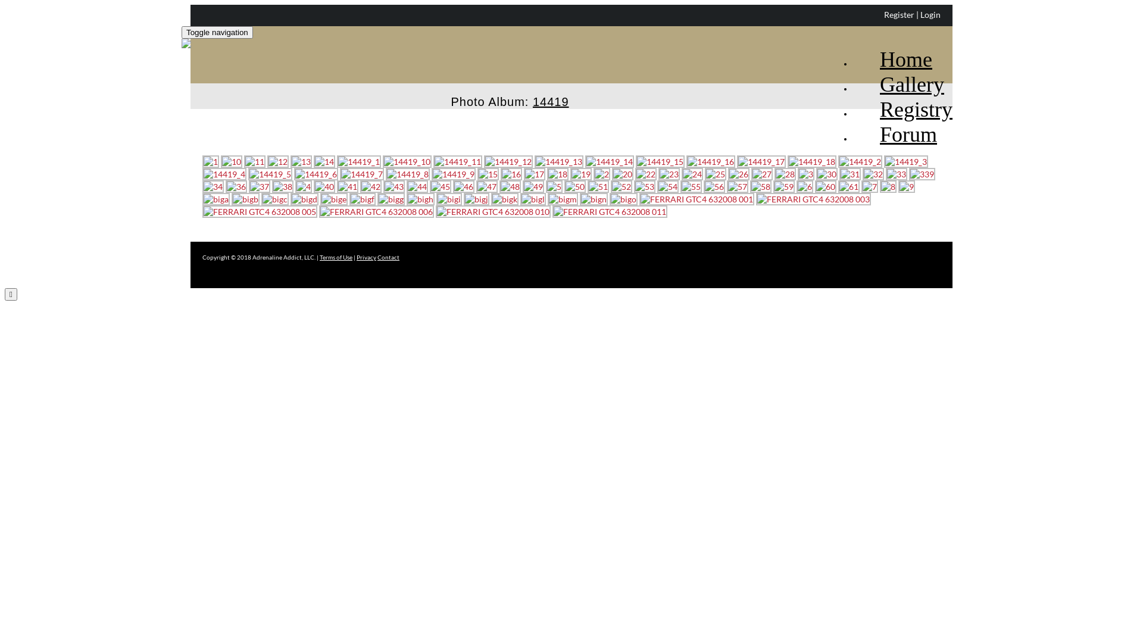 The image size is (1143, 643). I want to click on 'bigc (click to enlarge)', so click(274, 198).